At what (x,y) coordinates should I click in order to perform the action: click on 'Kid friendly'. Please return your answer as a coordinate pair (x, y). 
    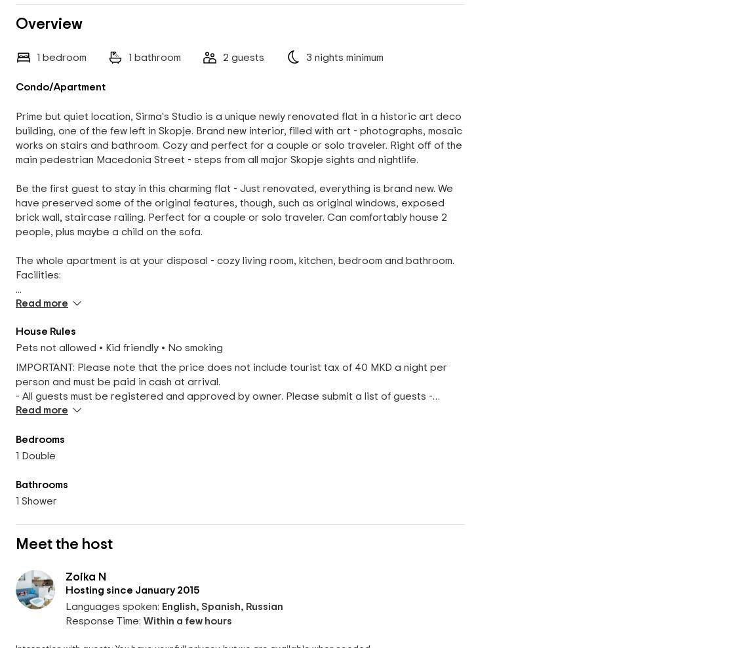
    Looking at the image, I should click on (131, 347).